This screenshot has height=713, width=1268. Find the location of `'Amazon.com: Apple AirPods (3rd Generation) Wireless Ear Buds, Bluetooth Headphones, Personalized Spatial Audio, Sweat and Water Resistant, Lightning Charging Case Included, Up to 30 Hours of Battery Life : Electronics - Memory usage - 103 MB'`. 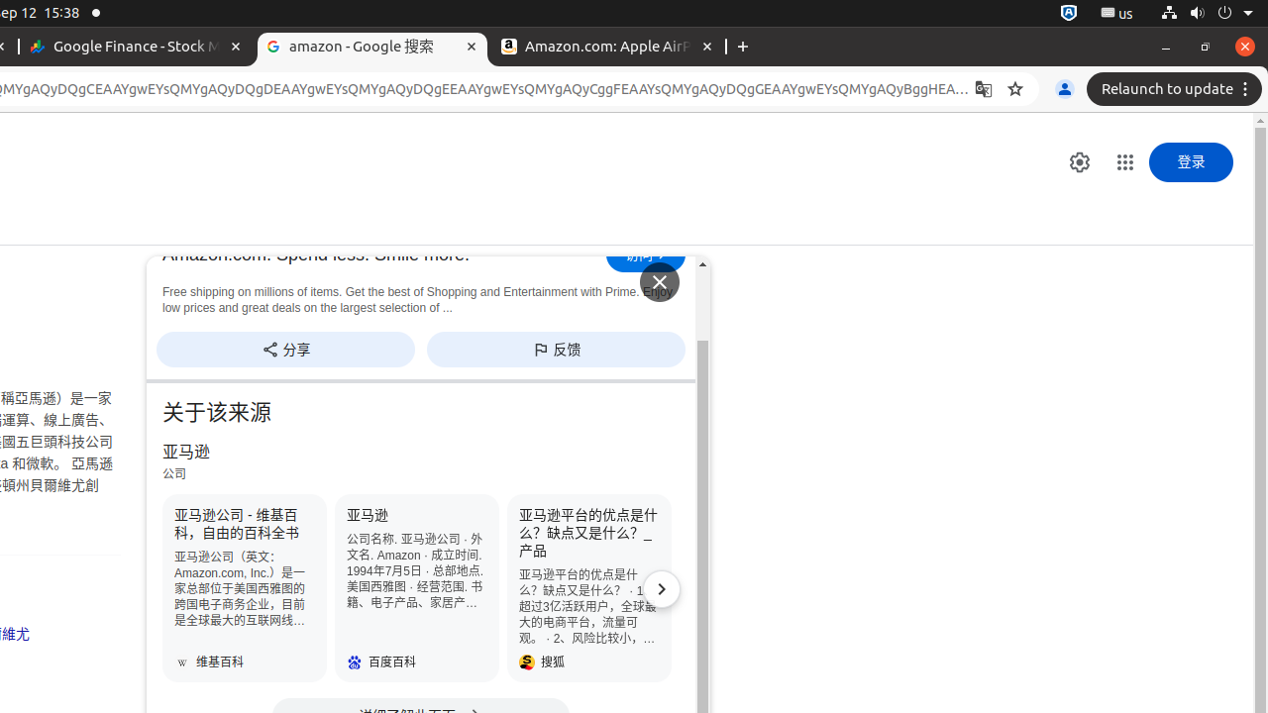

'Amazon.com: Apple AirPods (3rd Generation) Wireless Ear Buds, Bluetooth Headphones, Personalized Spatial Audio, Sweat and Water Resistant, Lightning Charging Case Included, Up to 30 Hours of Battery Life : Electronics - Memory usage - 103 MB' is located at coordinates (607, 46).